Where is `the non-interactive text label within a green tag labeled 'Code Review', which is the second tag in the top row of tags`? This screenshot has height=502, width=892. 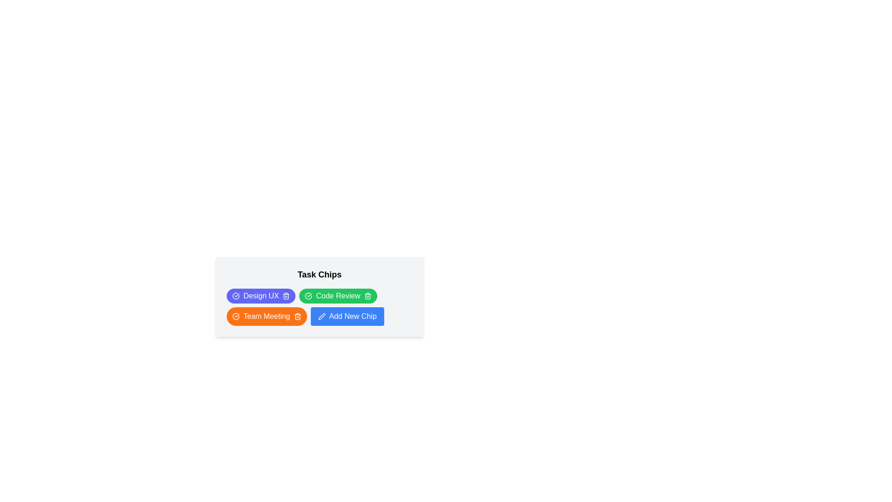 the non-interactive text label within a green tag labeled 'Code Review', which is the second tag in the top row of tags is located at coordinates (338, 296).